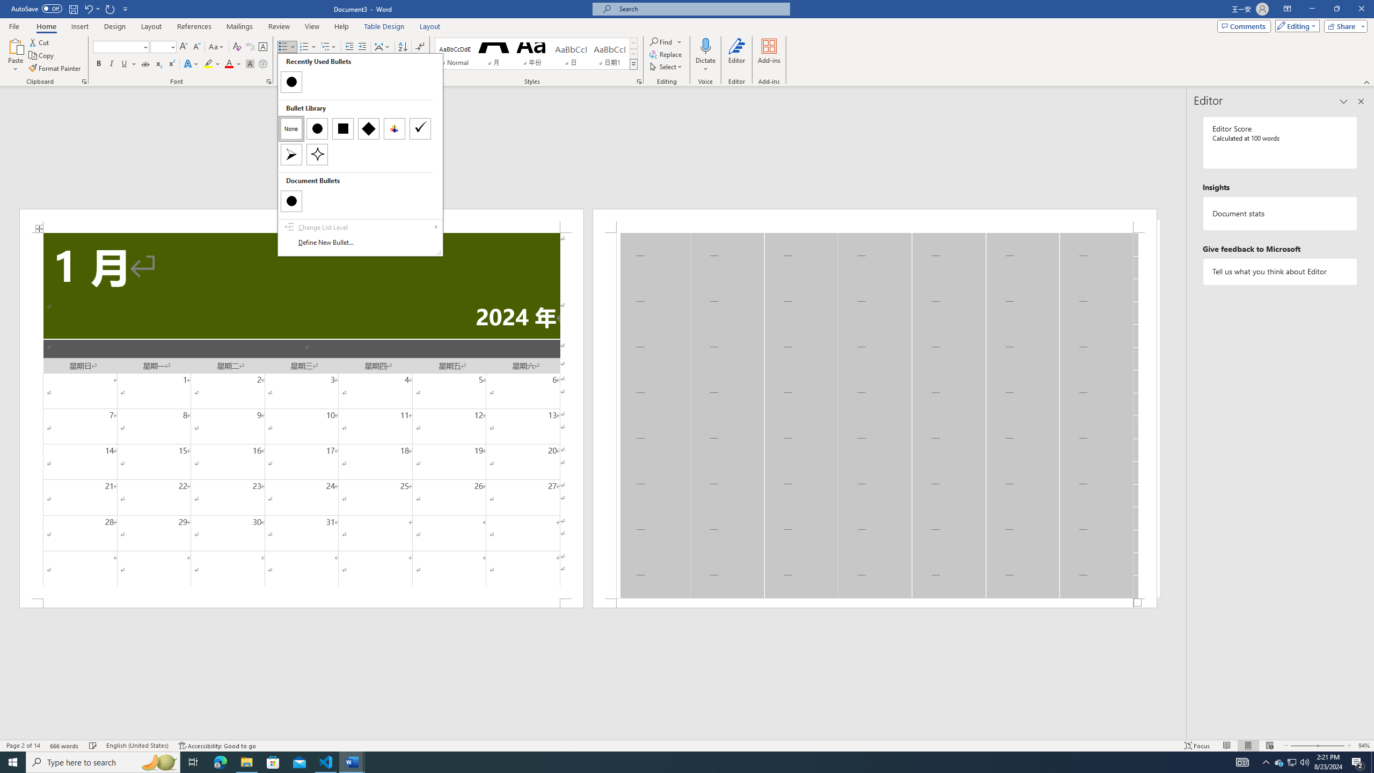 The image size is (1374, 773). What do you see at coordinates (124, 63) in the screenshot?
I see `'Underline'` at bounding box center [124, 63].